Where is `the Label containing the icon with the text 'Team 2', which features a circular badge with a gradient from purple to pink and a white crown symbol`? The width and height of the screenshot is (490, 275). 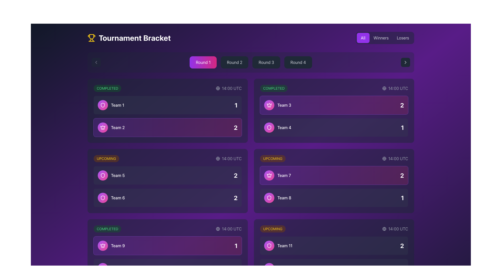 the Label containing the icon with the text 'Team 2', which features a circular badge with a gradient from purple to pink and a white crown symbol is located at coordinates (111, 127).